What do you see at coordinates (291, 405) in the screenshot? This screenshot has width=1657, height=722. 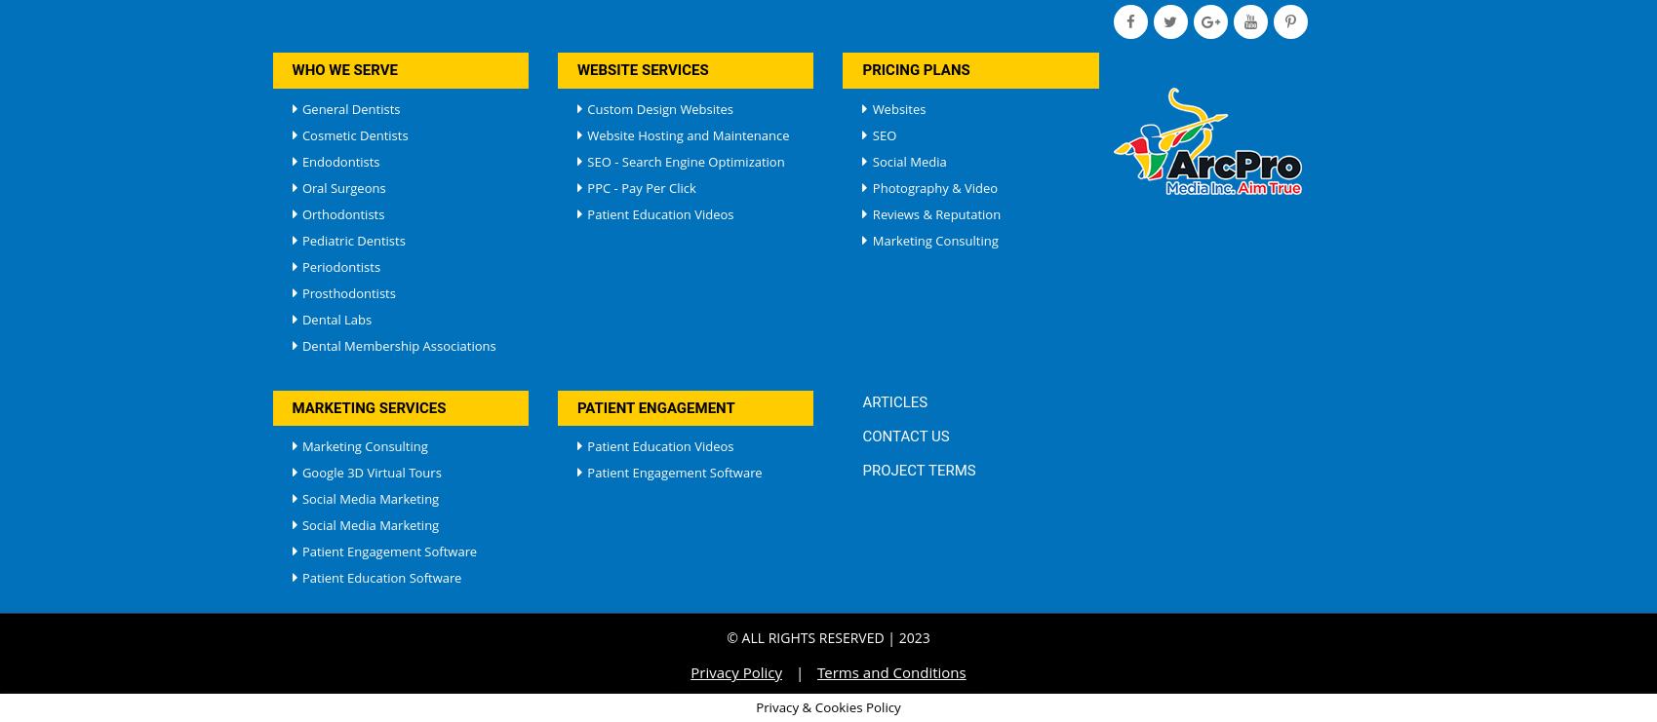 I see `'MARKETING SERVICES'` at bounding box center [291, 405].